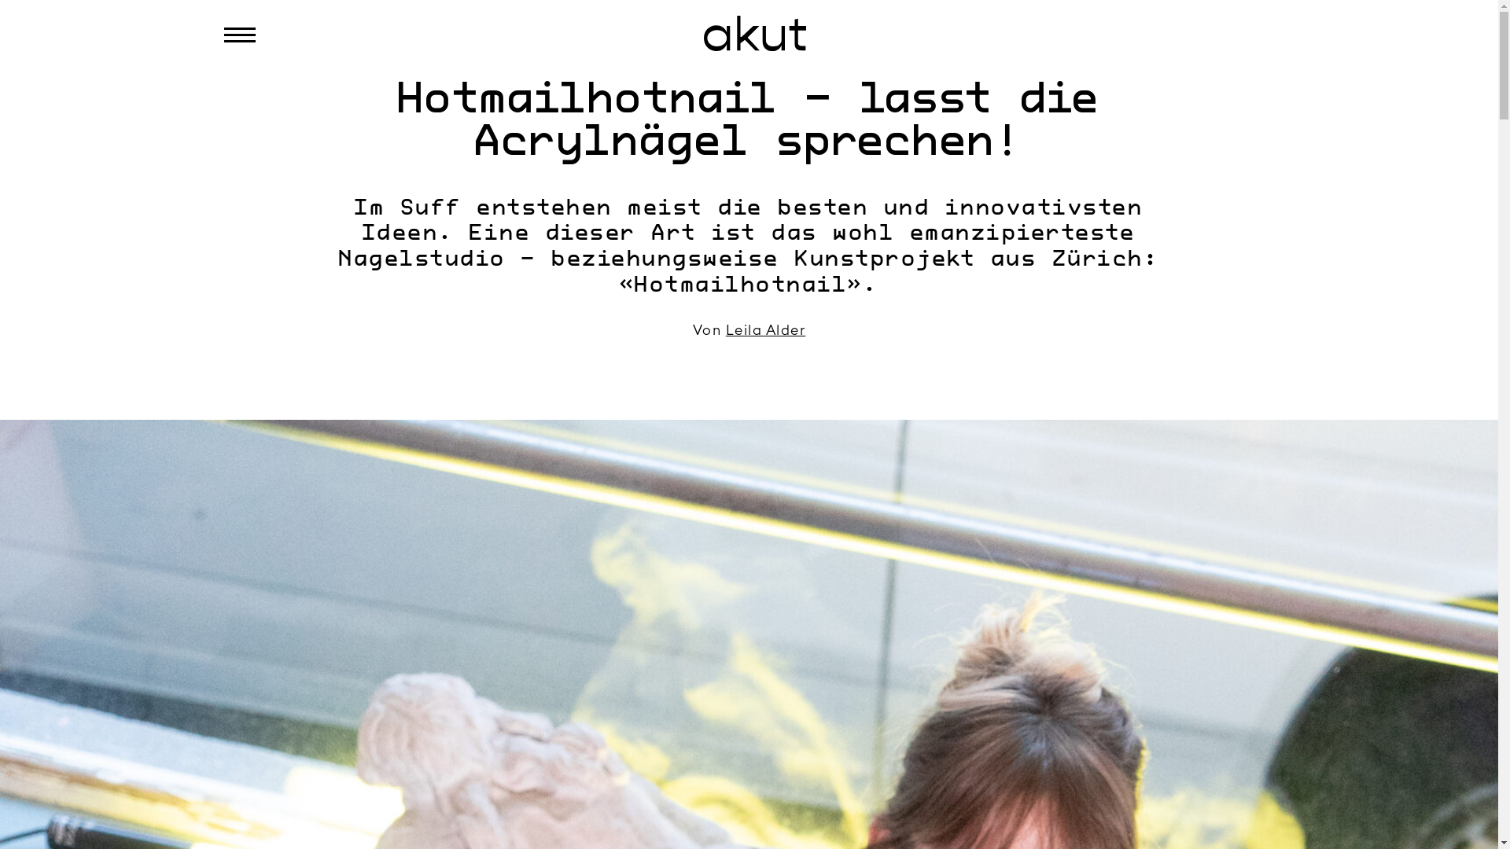 This screenshot has height=849, width=1510. Describe the element at coordinates (766, 329) in the screenshot. I see `'Leila Alder'` at that location.